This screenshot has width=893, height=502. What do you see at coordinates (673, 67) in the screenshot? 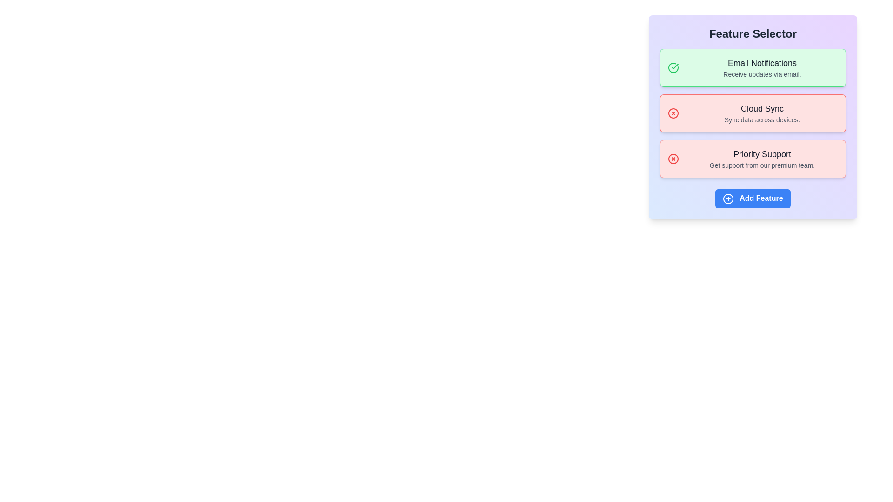
I see `the circular green checkmark icon with a hollow outline, indicating a positive state, located in the 'Email Notifications' feature box adjacent to the description 'Email Notifications Receive updates via email.'` at bounding box center [673, 67].